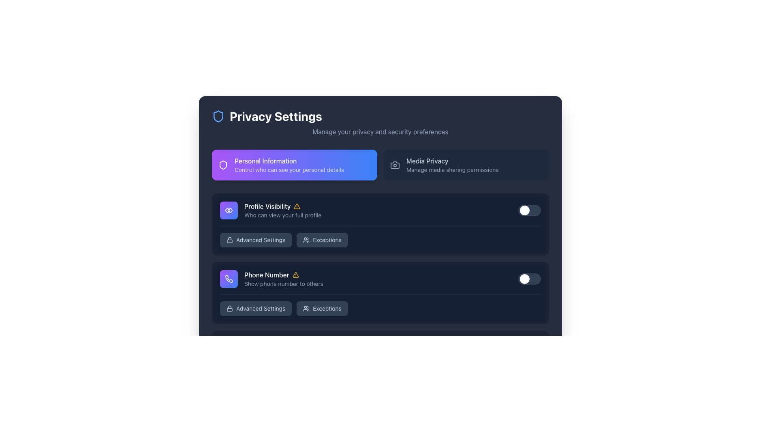  I want to click on the warning icon located immediately adjacent to the 'Phone Number' text label in the settings section, so click(295, 275).